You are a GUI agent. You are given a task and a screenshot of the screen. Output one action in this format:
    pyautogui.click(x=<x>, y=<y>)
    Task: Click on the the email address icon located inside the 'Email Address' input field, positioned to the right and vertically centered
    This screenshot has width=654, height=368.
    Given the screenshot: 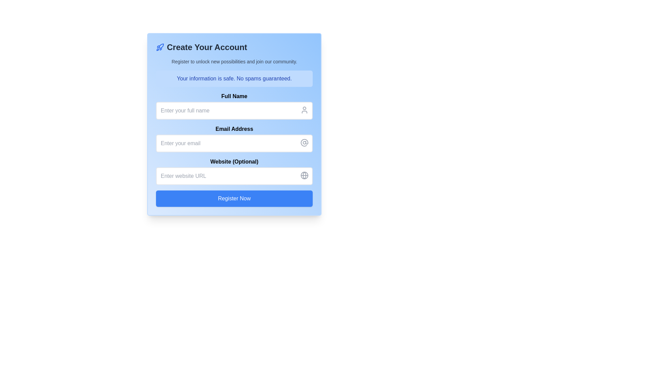 What is the action you would take?
    pyautogui.click(x=304, y=142)
    